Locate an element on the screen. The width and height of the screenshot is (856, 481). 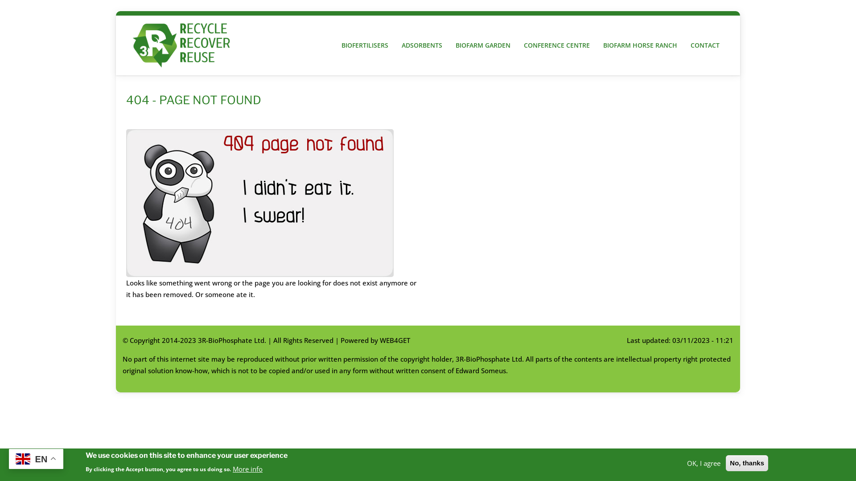
'BIOFARM HORSE RANCH' is located at coordinates (639, 45).